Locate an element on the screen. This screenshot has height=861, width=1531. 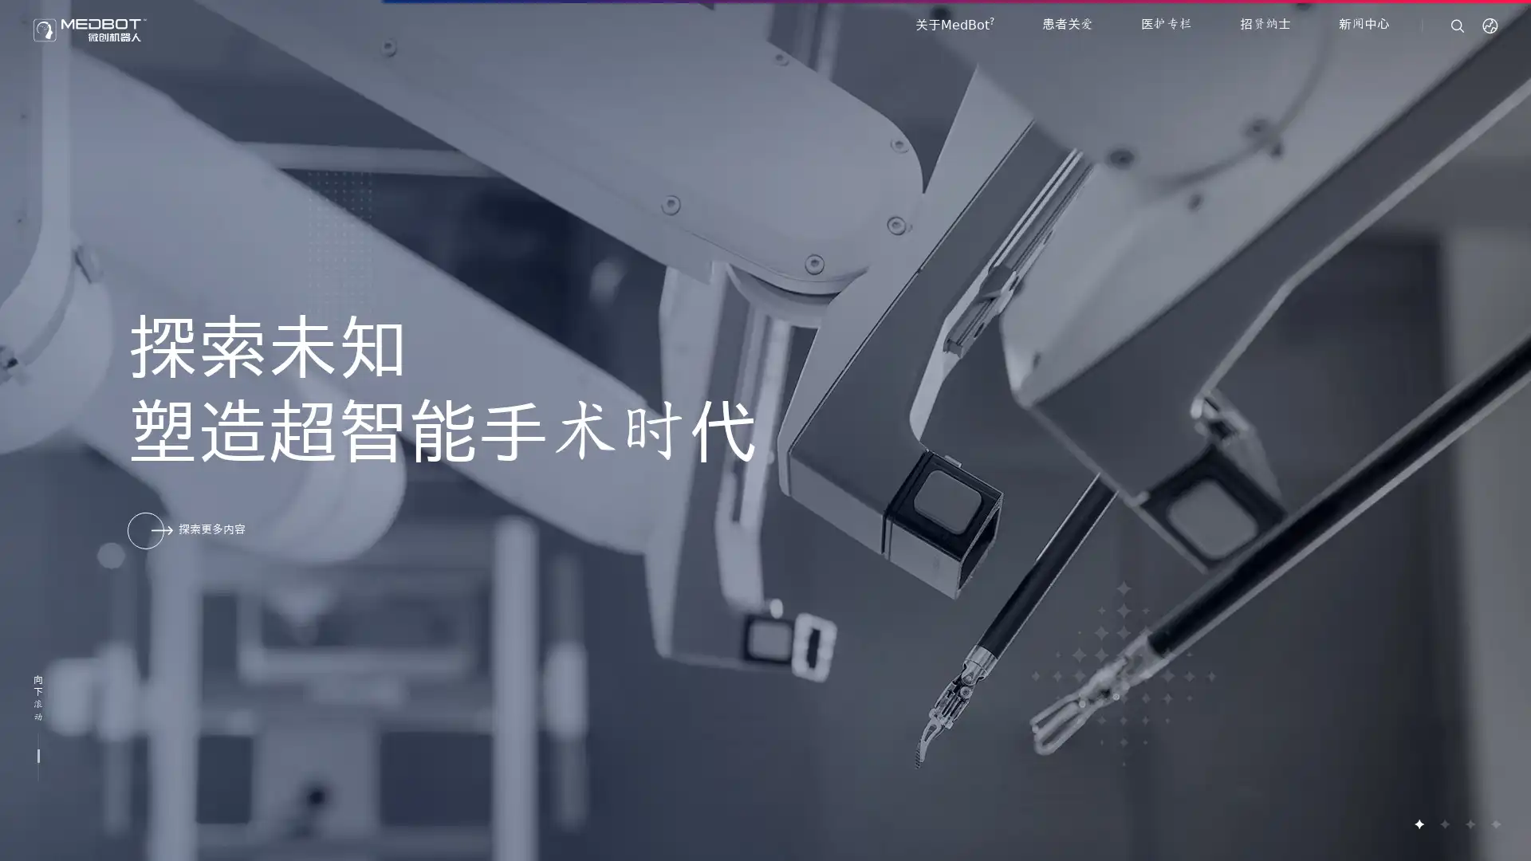
Go to slide 3 is located at coordinates (1469, 824).